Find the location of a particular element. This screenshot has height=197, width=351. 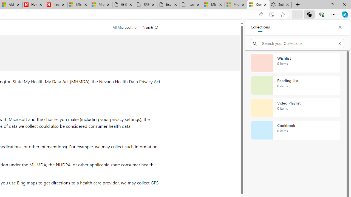

'Search your Collections' is located at coordinates (297, 43).